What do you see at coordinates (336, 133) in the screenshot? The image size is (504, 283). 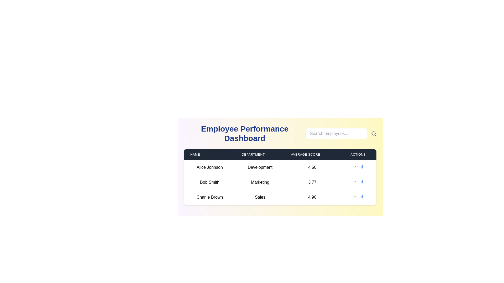 I see `the text input field styled with rounded corners that has a placeholder text saying 'Search employees...'` at bounding box center [336, 133].